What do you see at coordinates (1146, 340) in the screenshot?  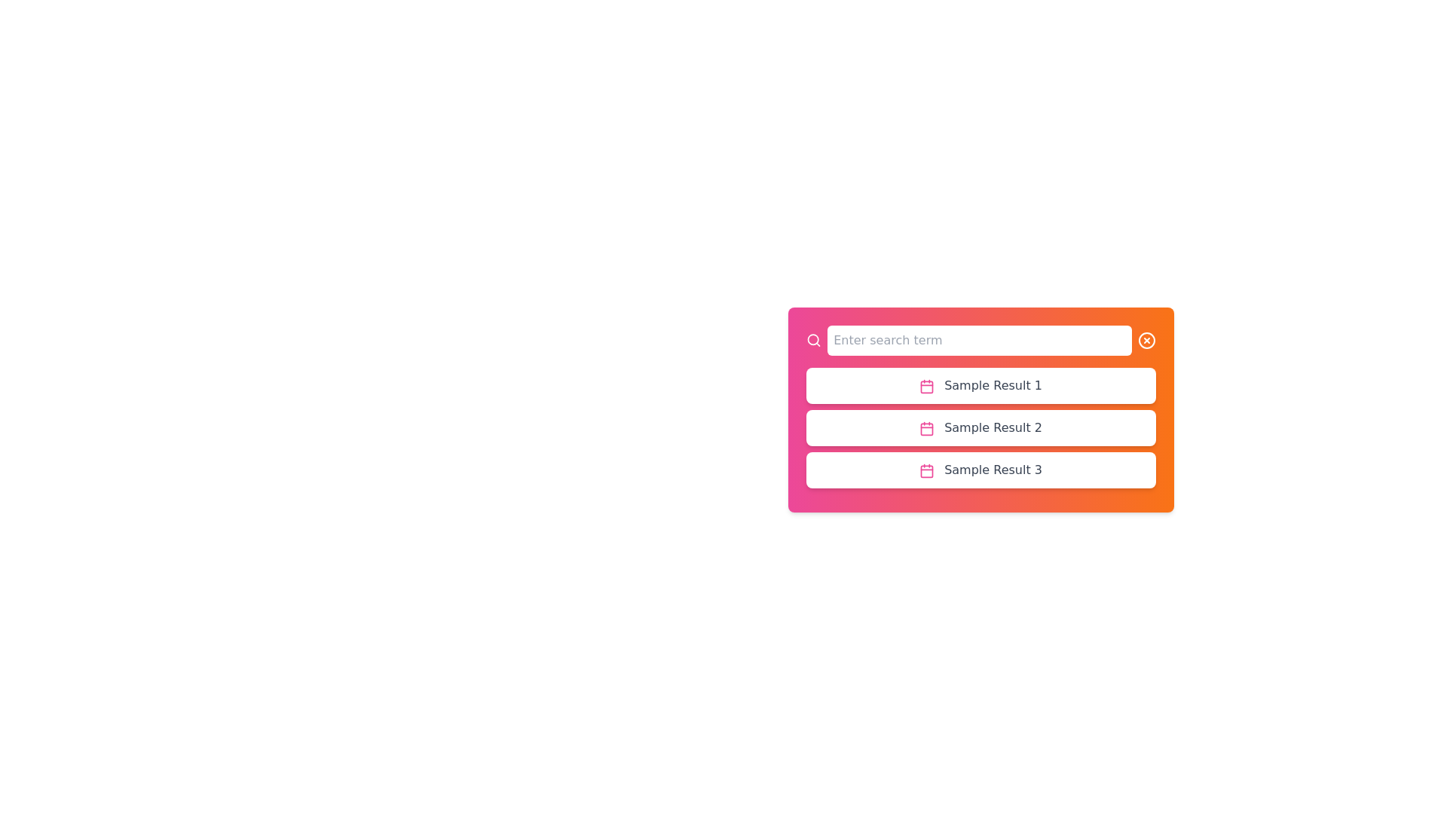 I see `circular outline element located at the top-right corner of the search bar component, which has a gradient background transitioning from pink to orange` at bounding box center [1146, 340].